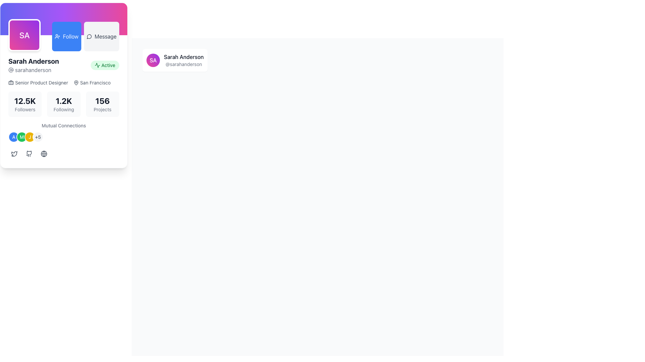 Image resolution: width=645 pixels, height=362 pixels. What do you see at coordinates (64, 101) in the screenshot?
I see `the text displaying the number of accounts the user is following, located centrally in the profile section of the profile card` at bounding box center [64, 101].